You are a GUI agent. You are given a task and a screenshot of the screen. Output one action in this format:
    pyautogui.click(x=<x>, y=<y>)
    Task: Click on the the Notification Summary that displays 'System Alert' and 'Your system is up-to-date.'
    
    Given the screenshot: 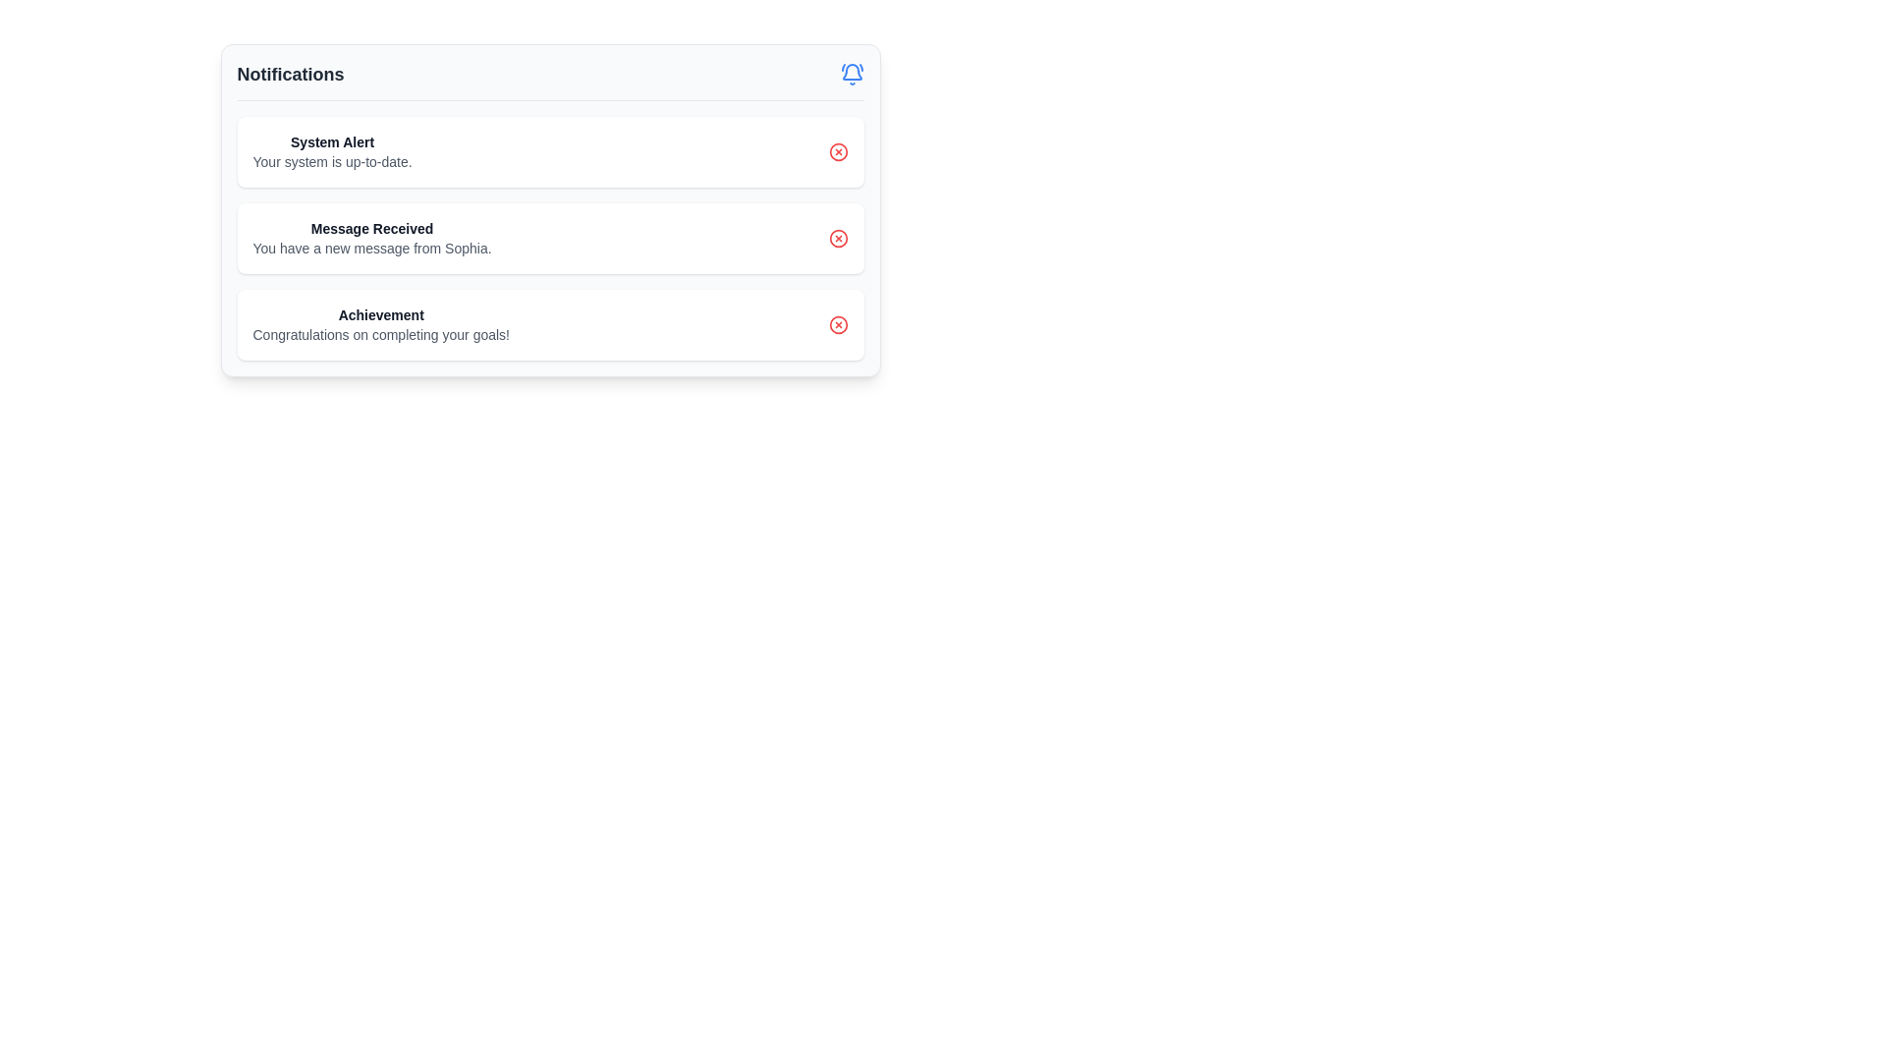 What is the action you would take?
    pyautogui.click(x=332, y=150)
    